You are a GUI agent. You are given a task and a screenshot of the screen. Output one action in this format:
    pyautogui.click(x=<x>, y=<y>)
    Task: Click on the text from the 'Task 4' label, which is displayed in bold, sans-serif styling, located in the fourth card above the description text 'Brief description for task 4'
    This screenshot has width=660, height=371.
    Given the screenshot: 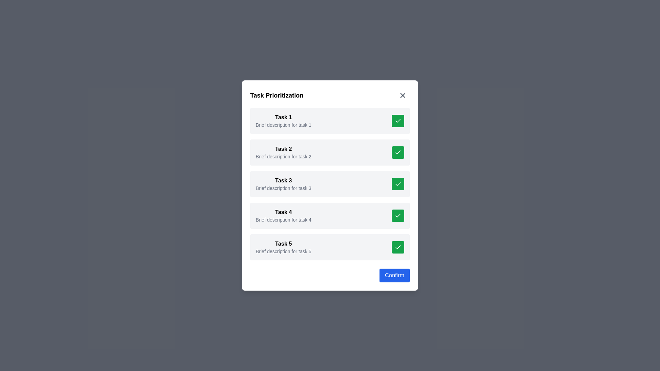 What is the action you would take?
    pyautogui.click(x=284, y=212)
    